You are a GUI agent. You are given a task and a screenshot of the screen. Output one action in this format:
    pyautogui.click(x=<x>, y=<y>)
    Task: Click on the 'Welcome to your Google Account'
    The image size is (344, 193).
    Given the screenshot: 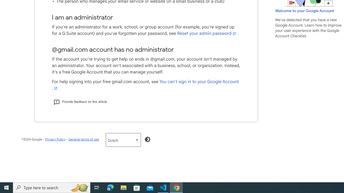 What is the action you would take?
    pyautogui.click(x=305, y=10)
    